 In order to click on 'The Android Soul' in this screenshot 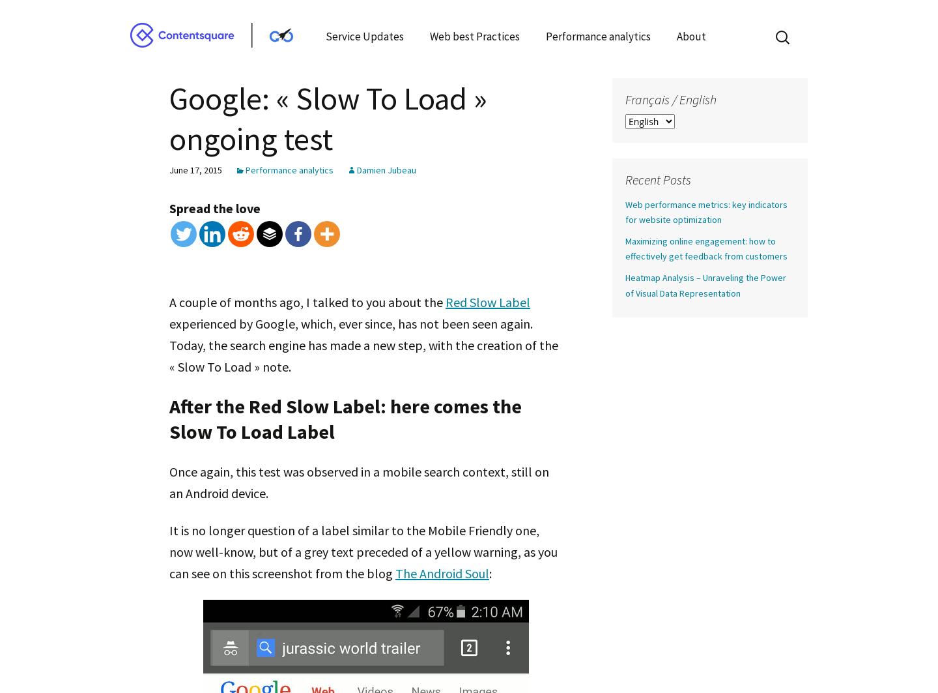, I will do `click(394, 572)`.